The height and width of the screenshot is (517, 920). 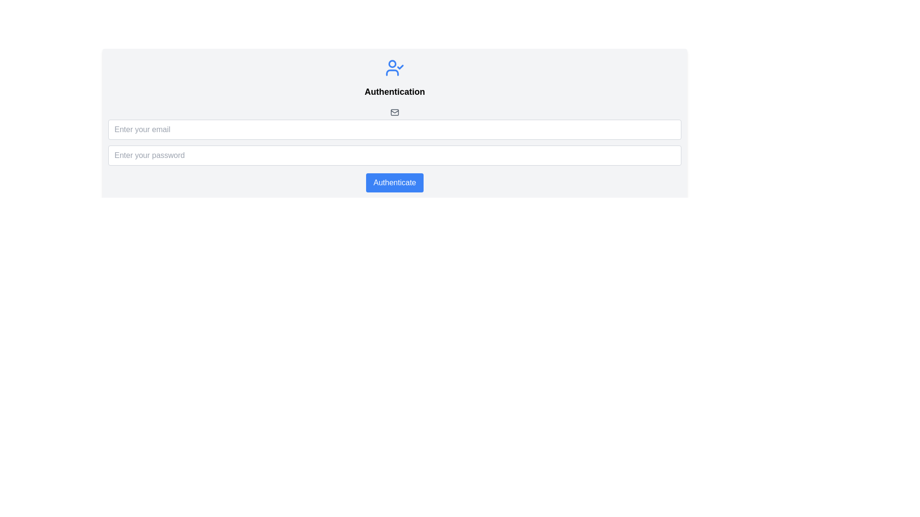 I want to click on the static text label that serves as the heading for the authentication section, positioned centrally below the user icon and above the email icon, so click(x=395, y=92).